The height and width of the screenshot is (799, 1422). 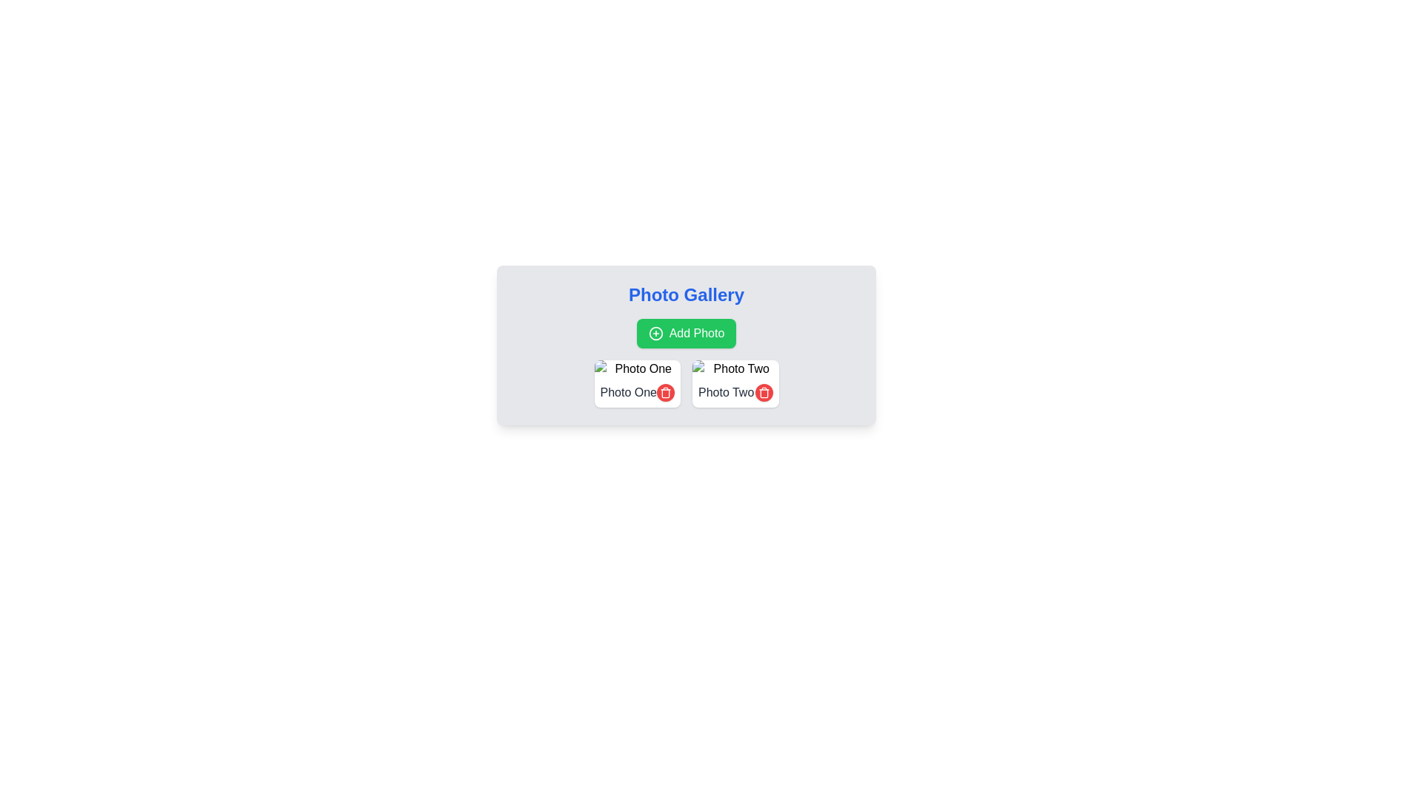 I want to click on the delete button located in the bottom-right corner of the card labeled 'Photo Two', so click(x=764, y=392).